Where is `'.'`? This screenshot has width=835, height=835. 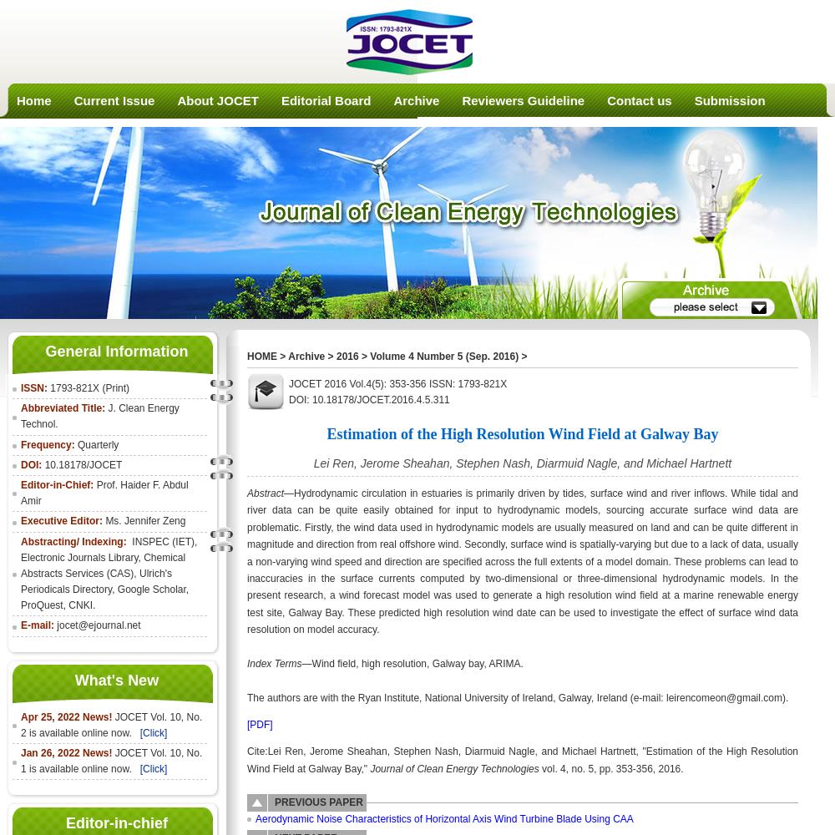 '.' is located at coordinates (93, 605).